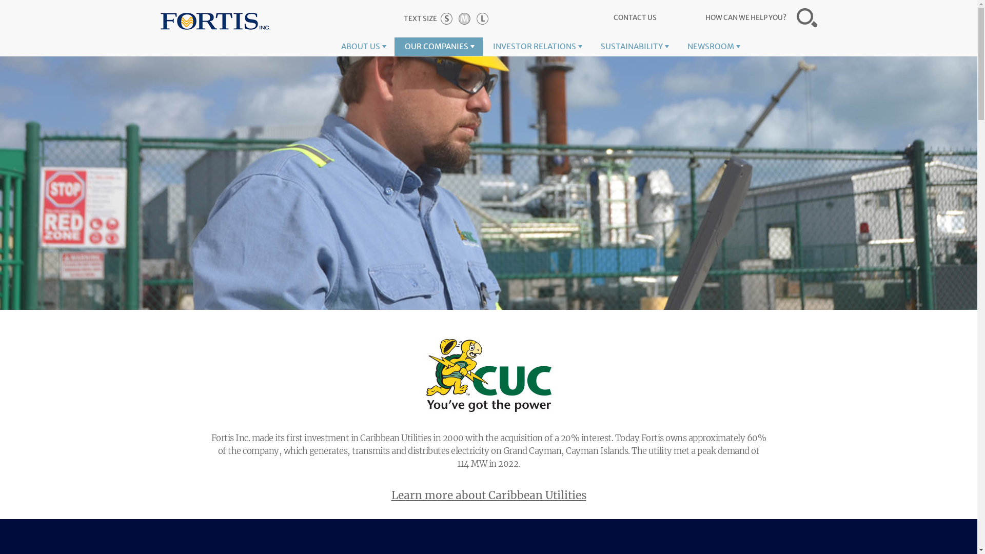 The image size is (985, 554). Describe the element at coordinates (704, 17) in the screenshot. I see `'HOW CAN WE HELP YOU?'` at that location.